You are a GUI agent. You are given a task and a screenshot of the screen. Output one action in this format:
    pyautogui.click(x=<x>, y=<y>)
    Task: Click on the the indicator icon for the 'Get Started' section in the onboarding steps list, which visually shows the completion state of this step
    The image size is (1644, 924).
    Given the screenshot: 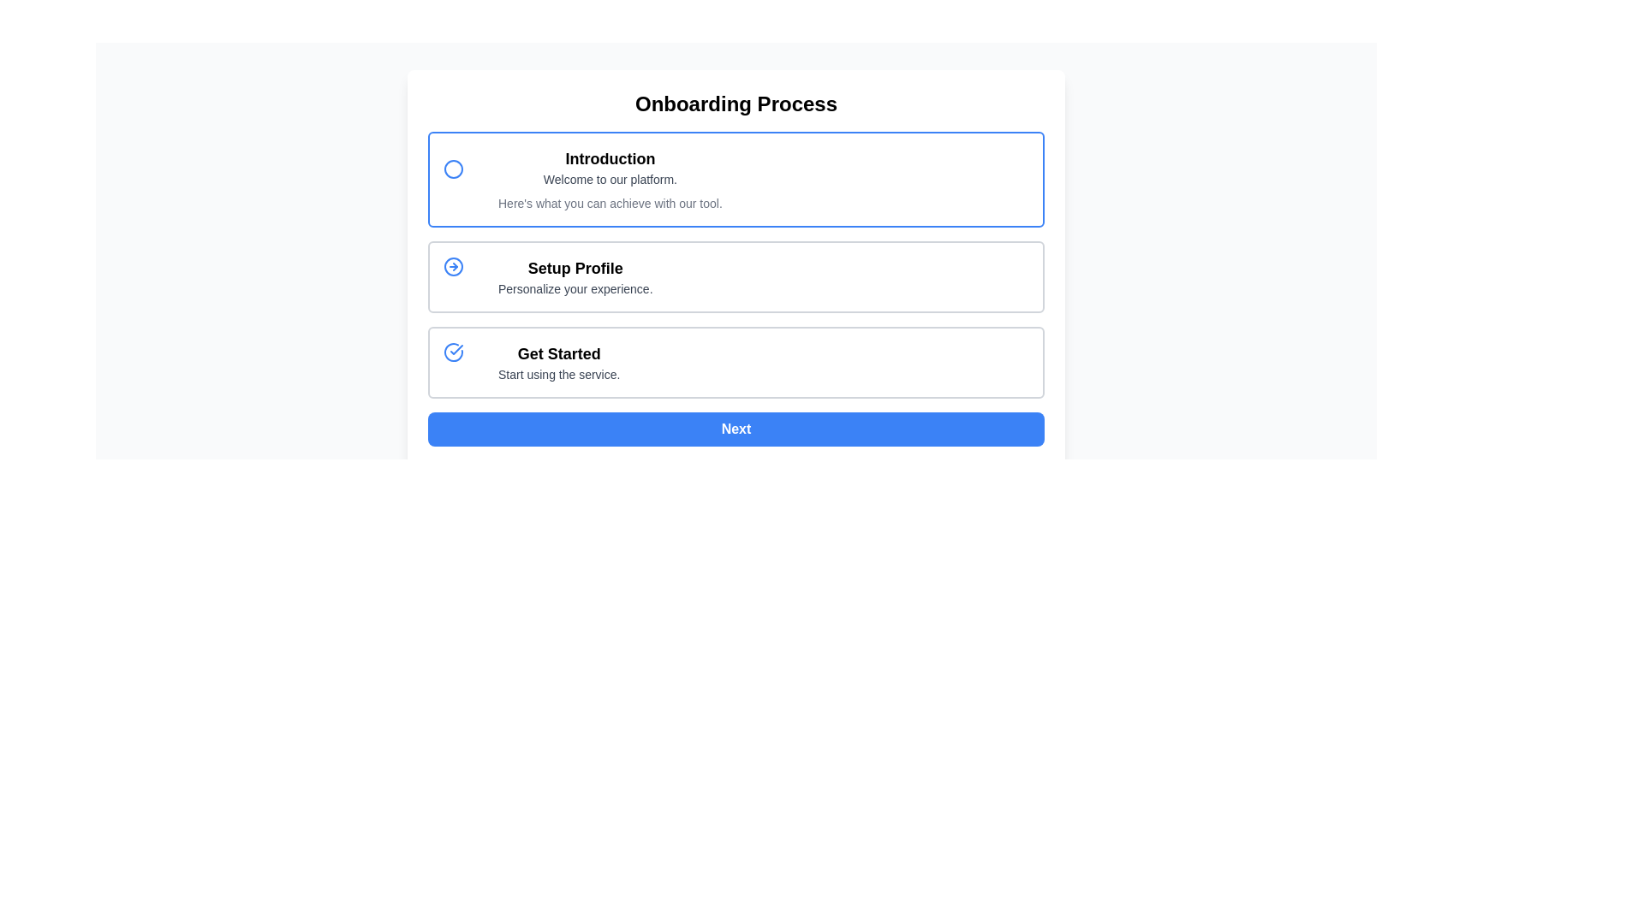 What is the action you would take?
    pyautogui.click(x=453, y=352)
    